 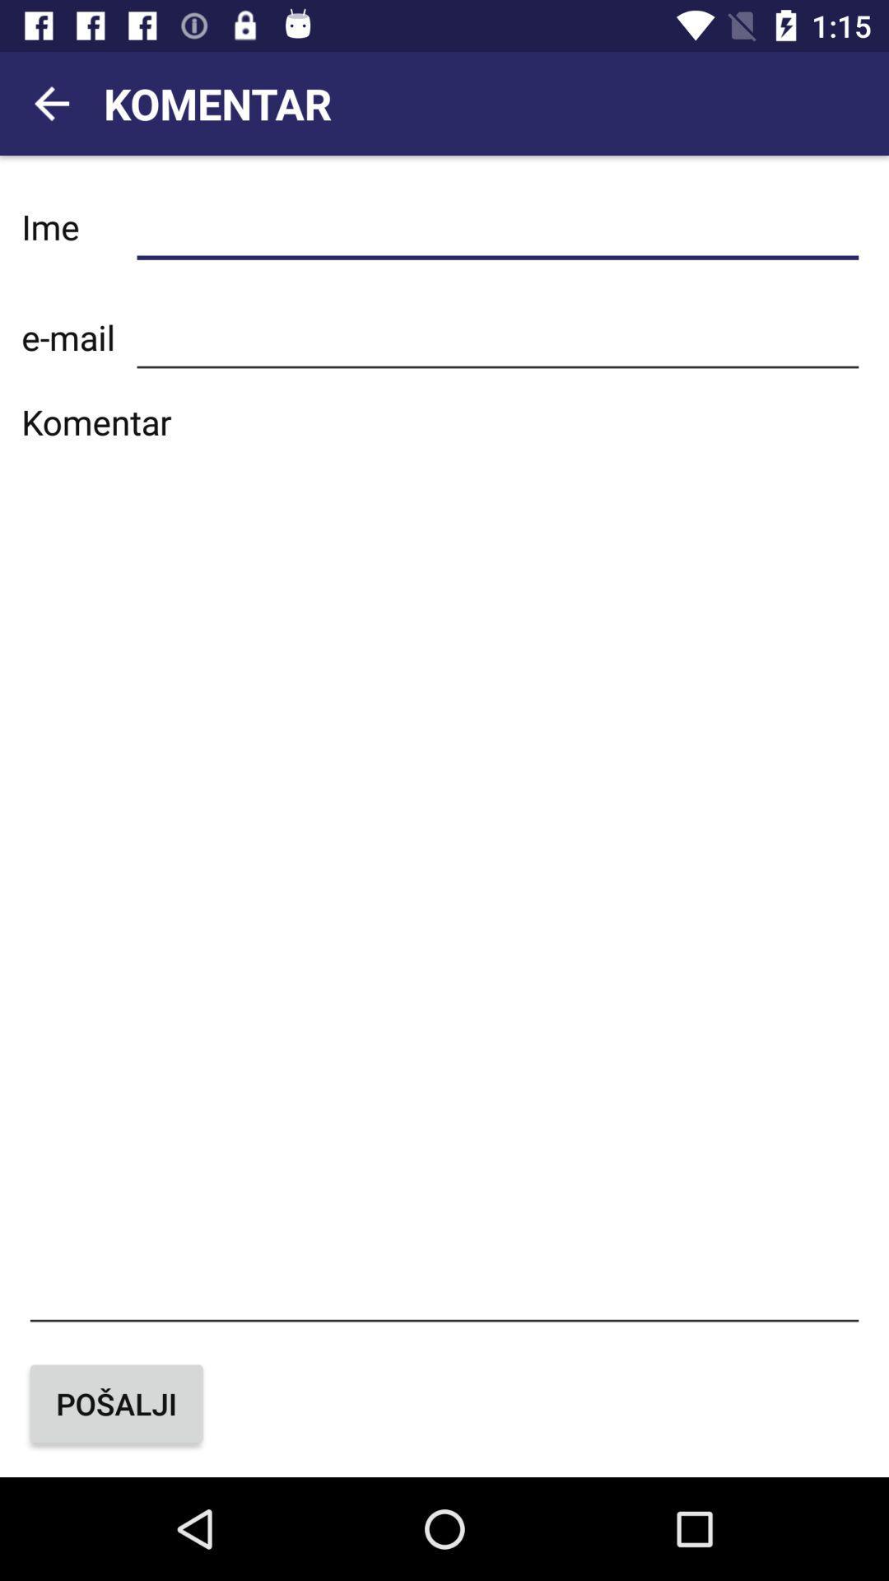 What do you see at coordinates (50, 102) in the screenshot?
I see `the arrow_backward icon` at bounding box center [50, 102].